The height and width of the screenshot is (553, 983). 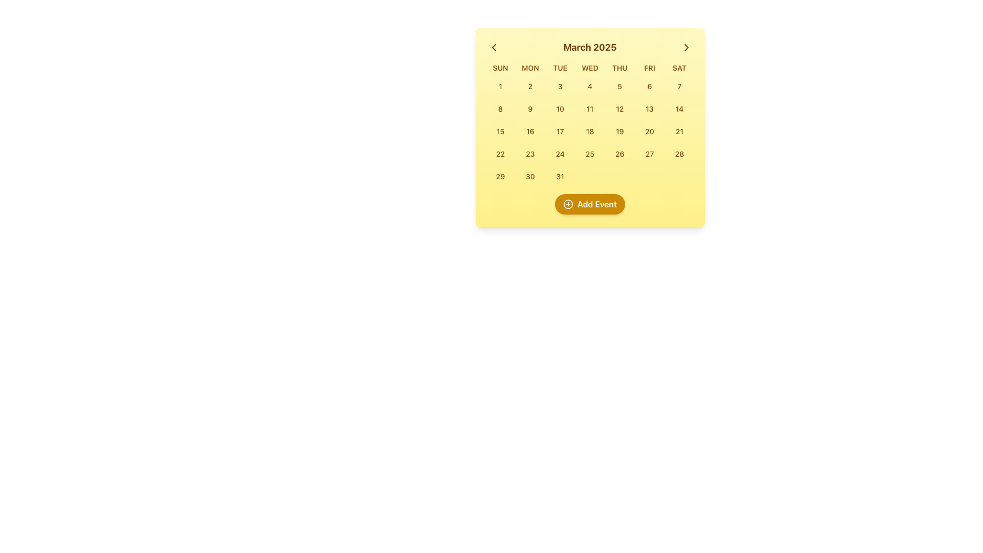 What do you see at coordinates (560, 109) in the screenshot?
I see `the square-shaped button displaying the number '10' with brown text and a light yellow rounded background, located in the calendar grid under 'TUE', to trigger the hover effect` at bounding box center [560, 109].